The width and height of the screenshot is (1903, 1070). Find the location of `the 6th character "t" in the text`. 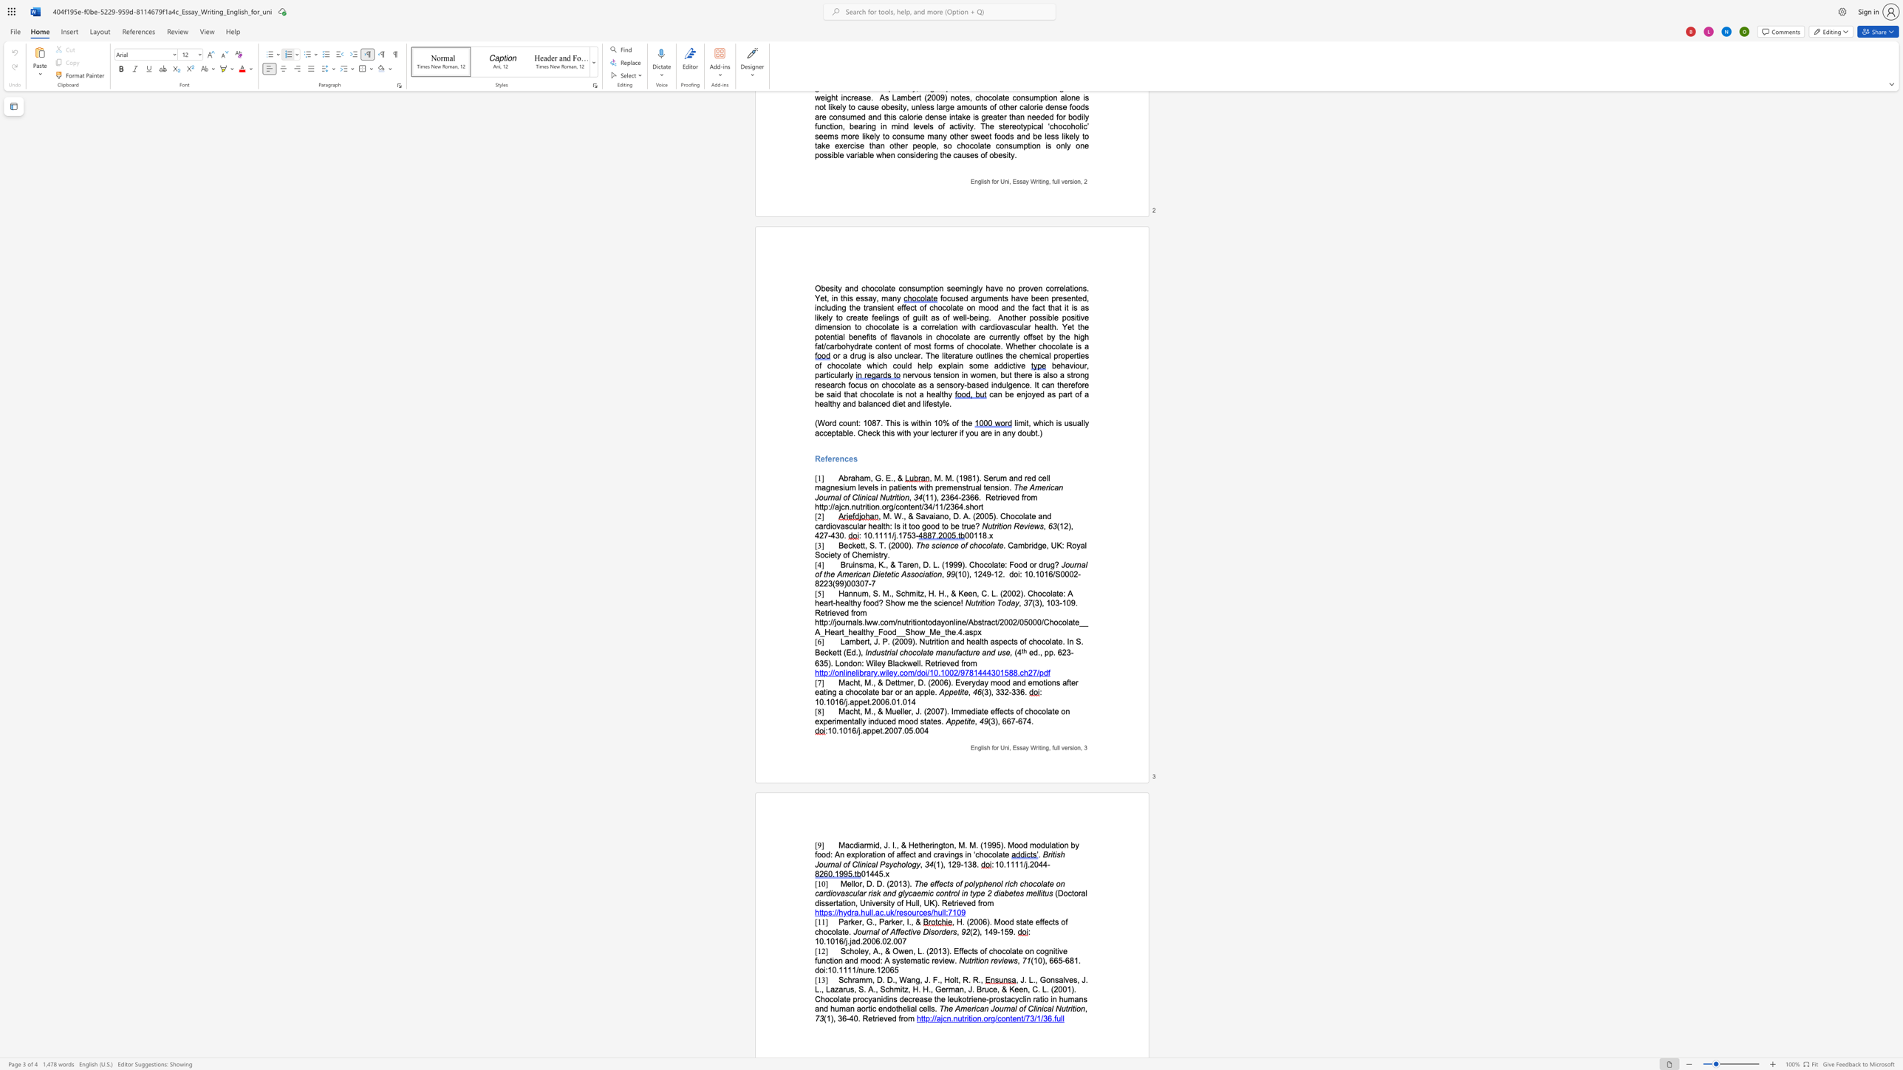

the 6th character "t" in the text is located at coordinates (926, 622).